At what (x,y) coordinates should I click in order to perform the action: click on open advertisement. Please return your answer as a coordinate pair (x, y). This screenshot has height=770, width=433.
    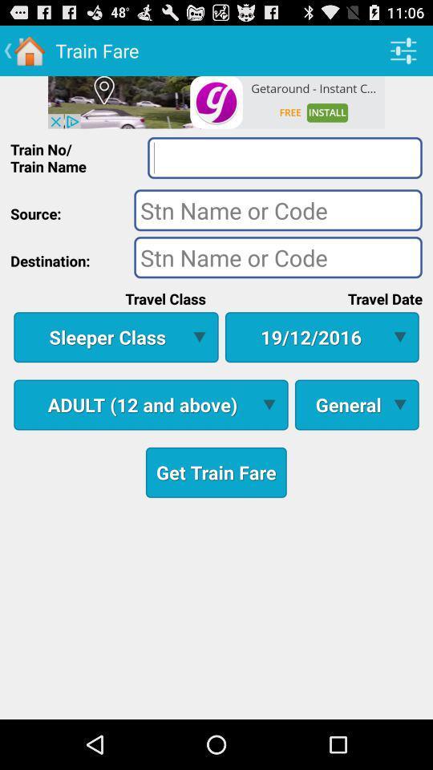
    Looking at the image, I should click on (216, 101).